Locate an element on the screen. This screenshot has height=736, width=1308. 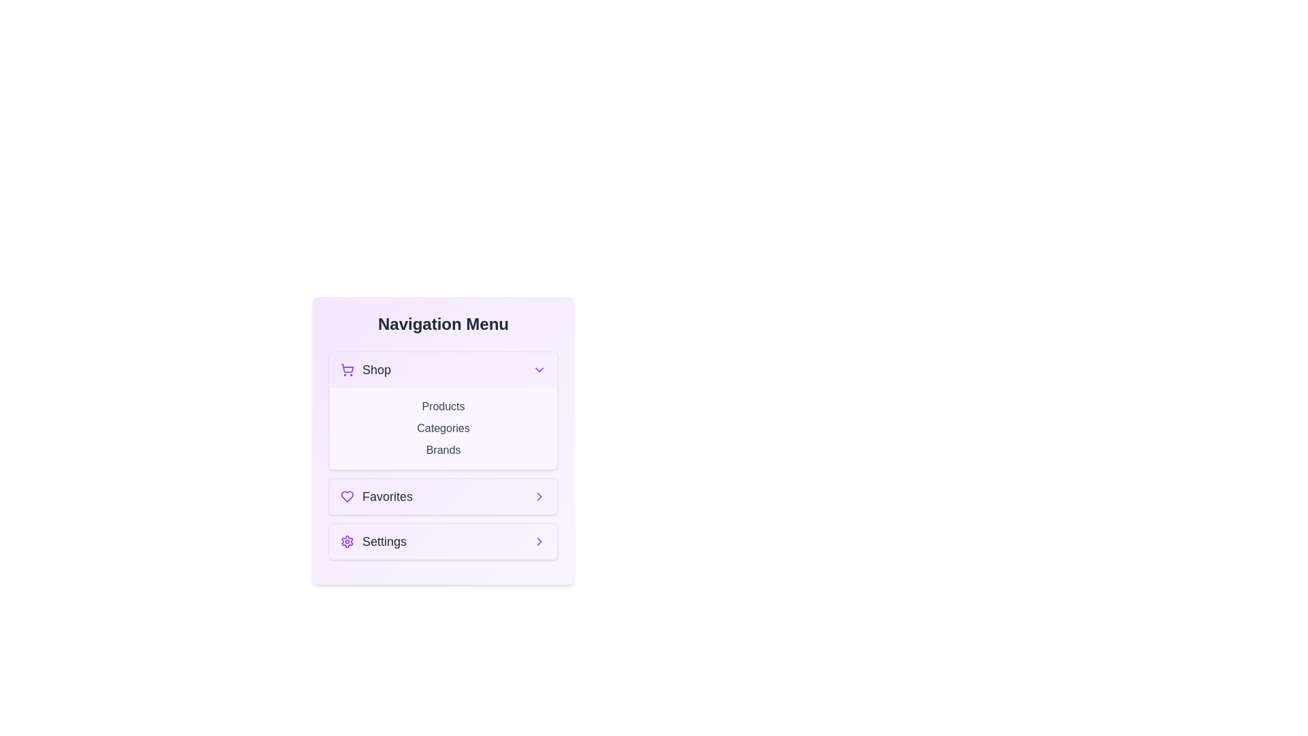
the heart-shaped icon representing favorites located to the left of the 'Favorites' label in the navigation menu is located at coordinates (346, 497).